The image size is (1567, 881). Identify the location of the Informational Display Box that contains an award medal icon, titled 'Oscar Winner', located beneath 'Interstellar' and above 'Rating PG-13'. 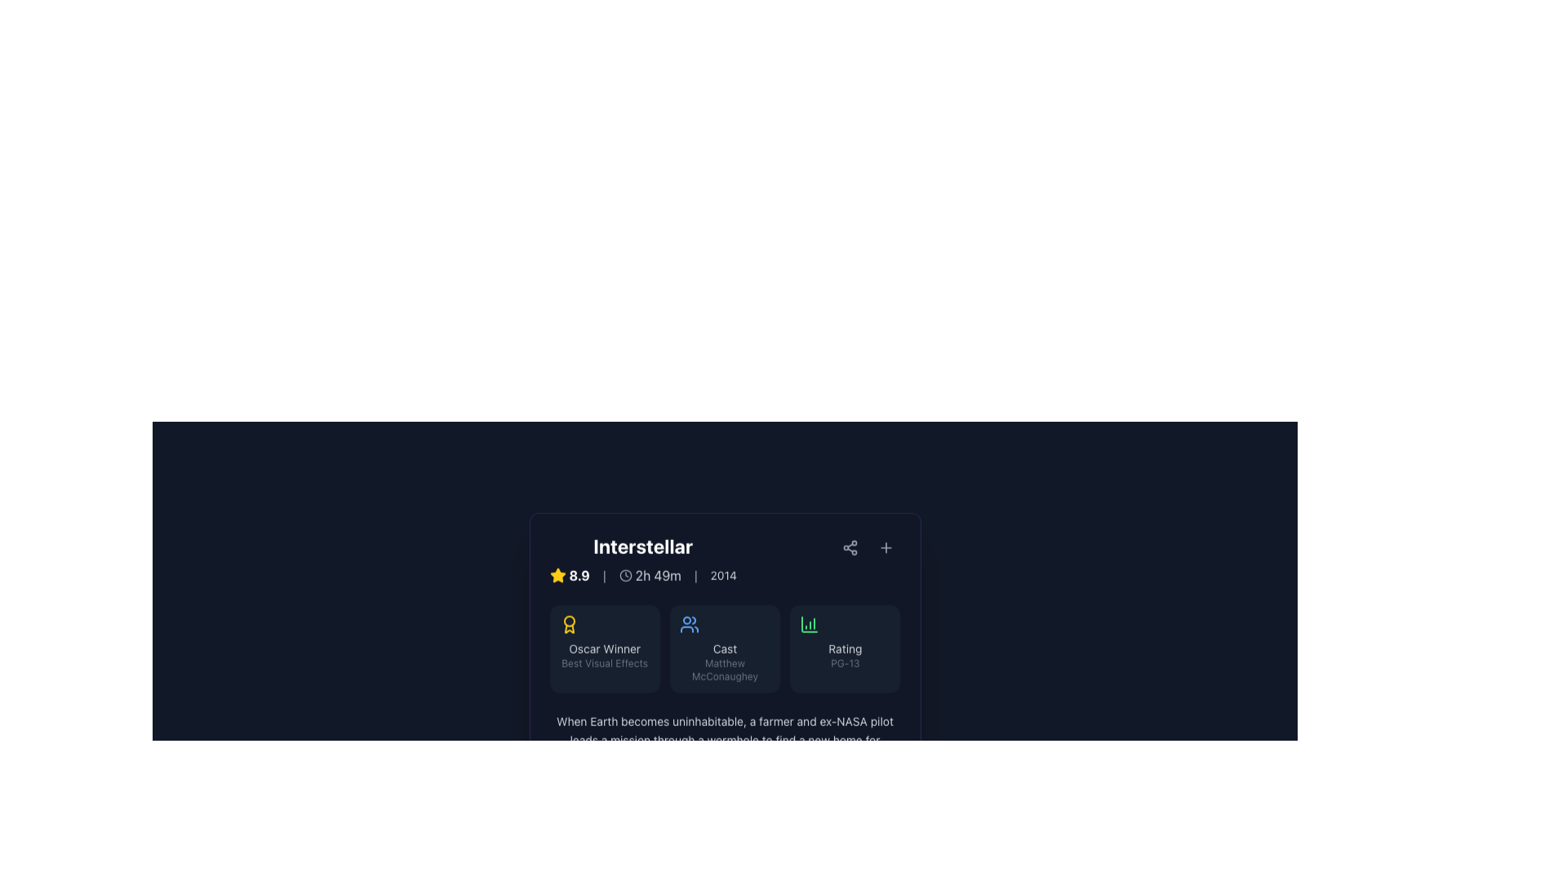
(604, 648).